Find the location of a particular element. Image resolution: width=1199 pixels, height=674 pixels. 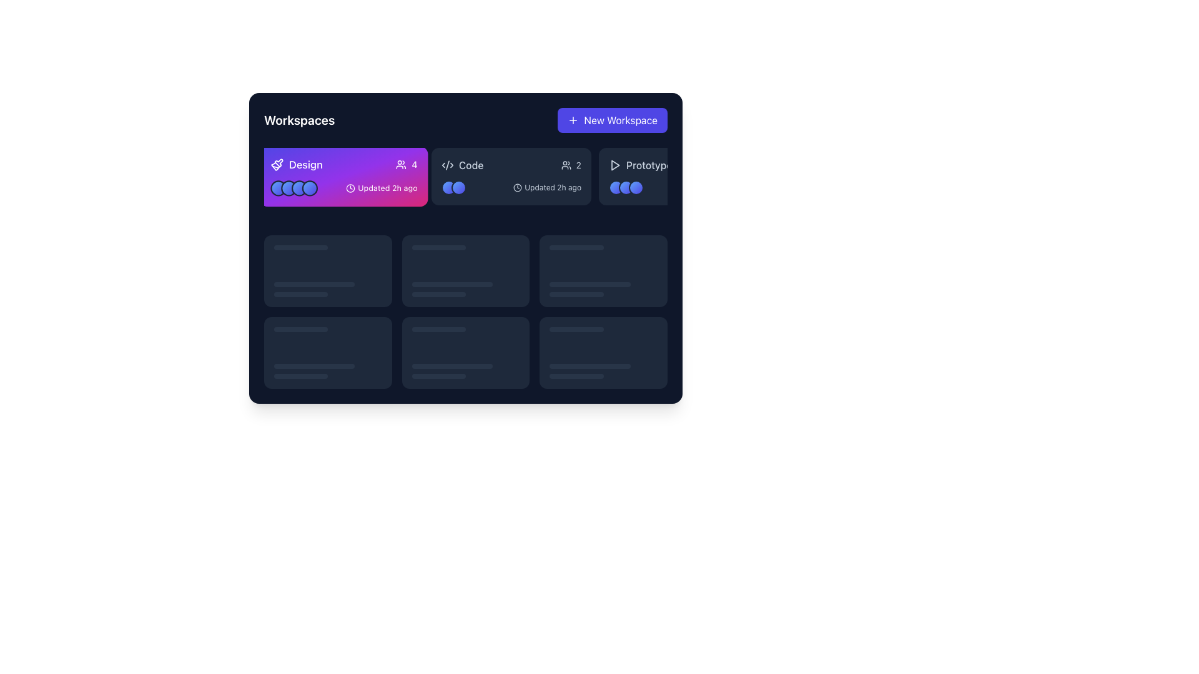

the second avatar indicator in the 'Design' workspace section, which visually represents a user avatar within the card layout is located at coordinates (288, 188).